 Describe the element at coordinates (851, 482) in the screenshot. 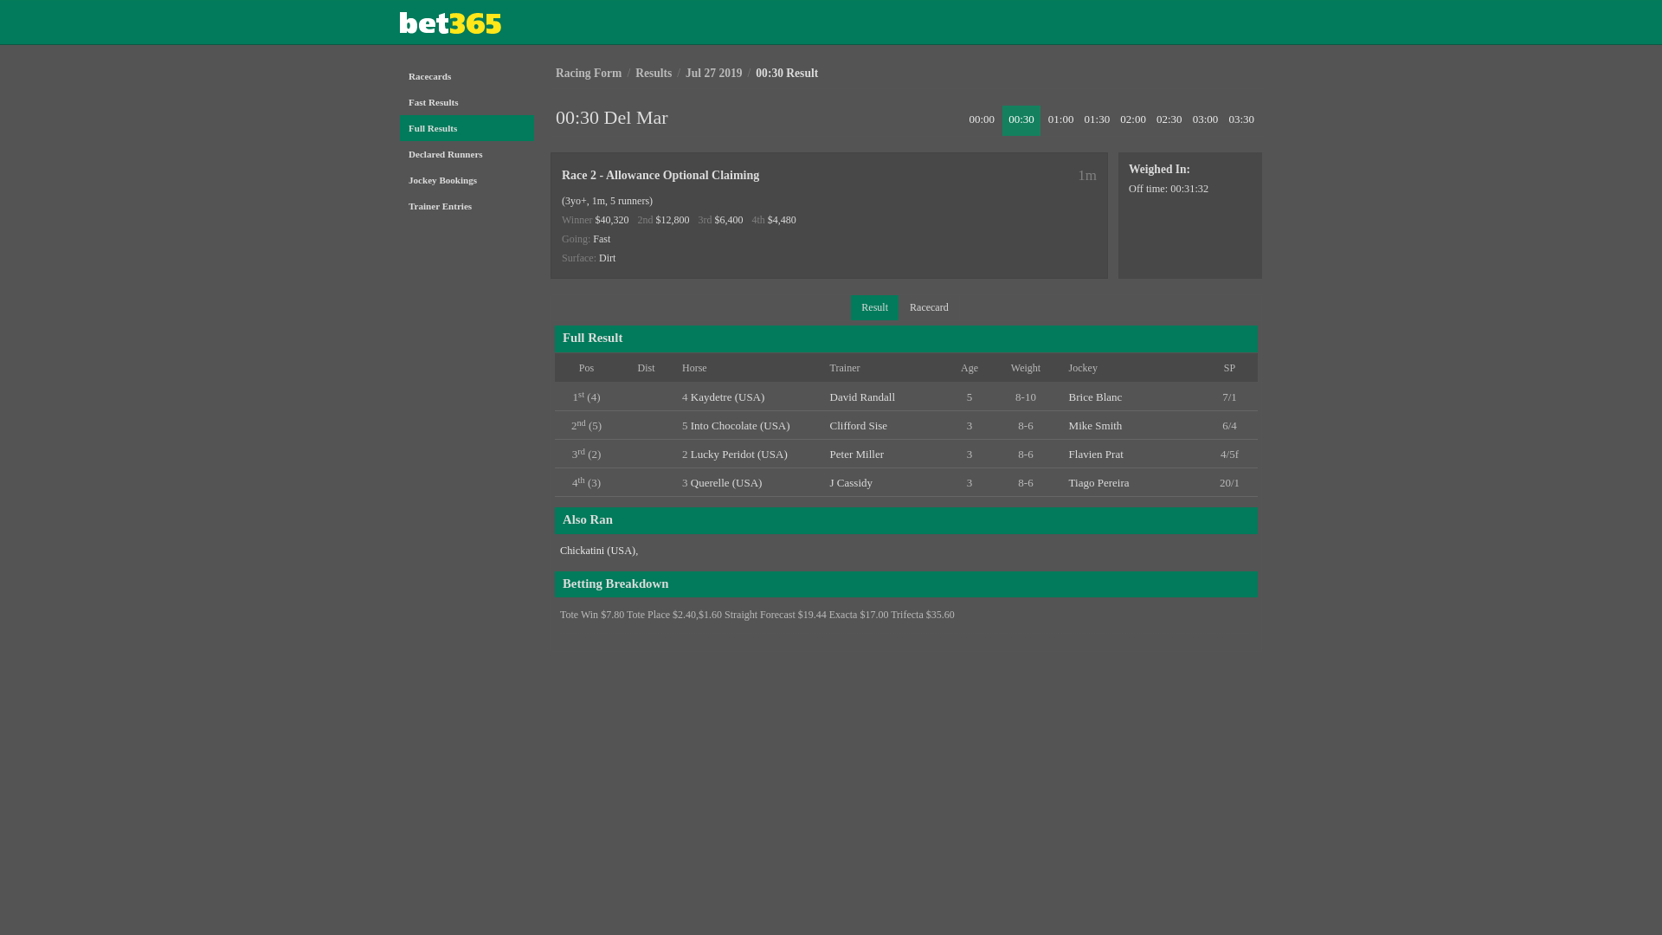

I see `'J Cassidy'` at that location.